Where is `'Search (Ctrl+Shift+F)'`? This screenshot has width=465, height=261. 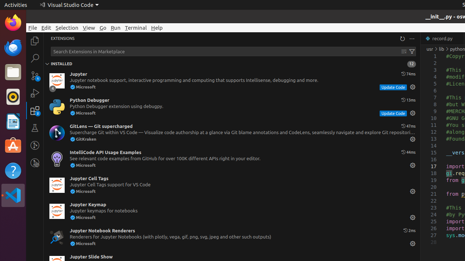
'Search (Ctrl+Shift+F)' is located at coordinates (35, 58).